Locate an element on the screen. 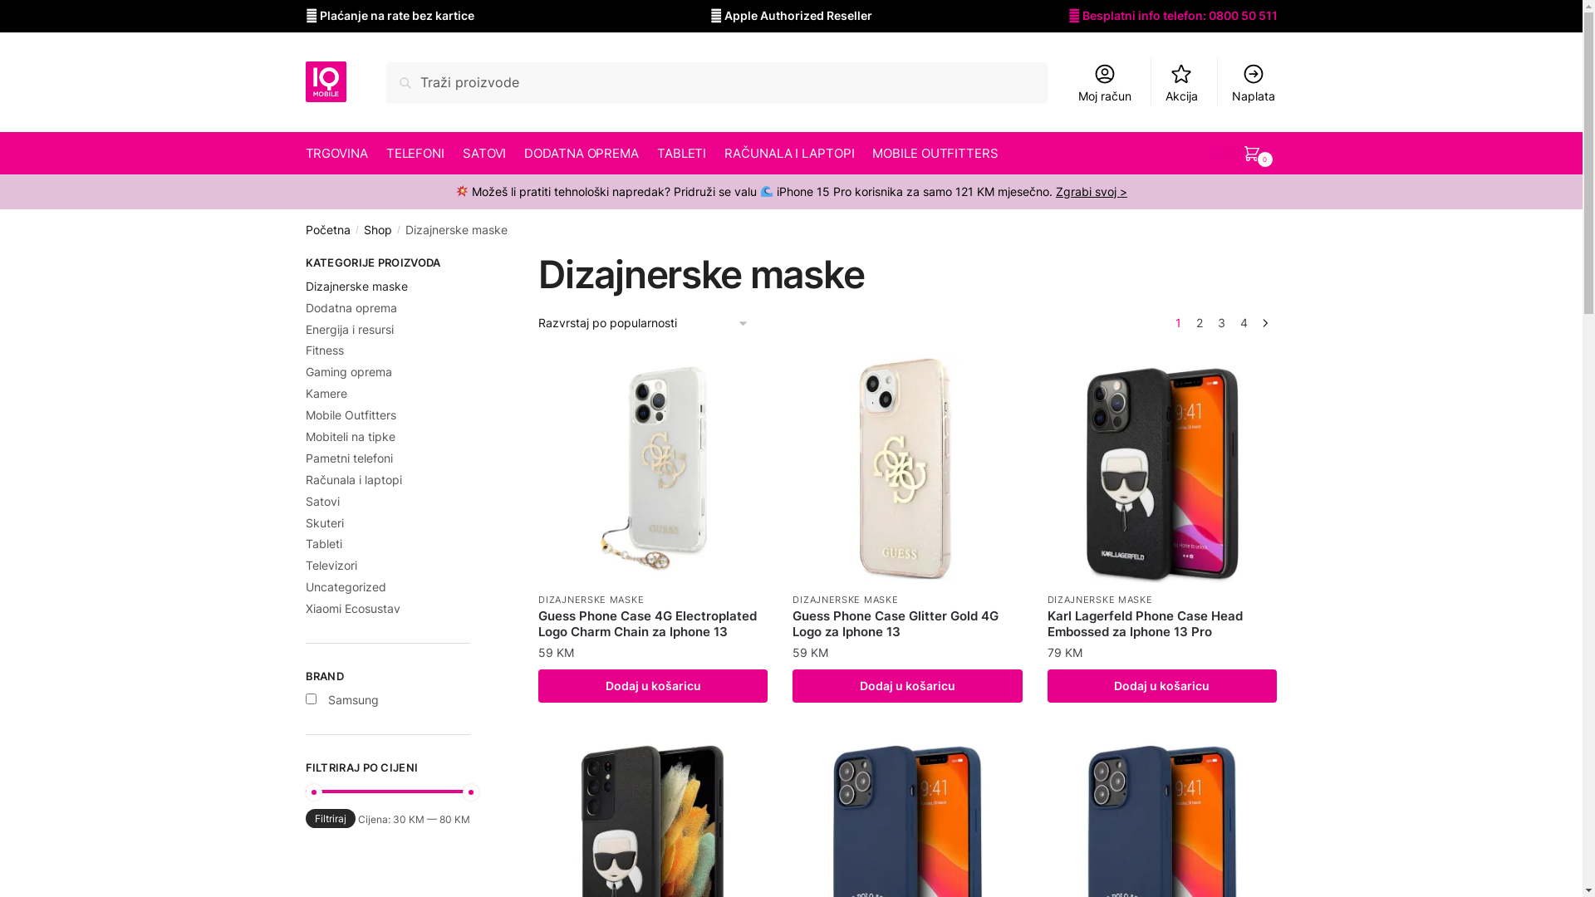 Image resolution: width=1595 pixels, height=897 pixels. 'Gaming oprema' is located at coordinates (348, 370).